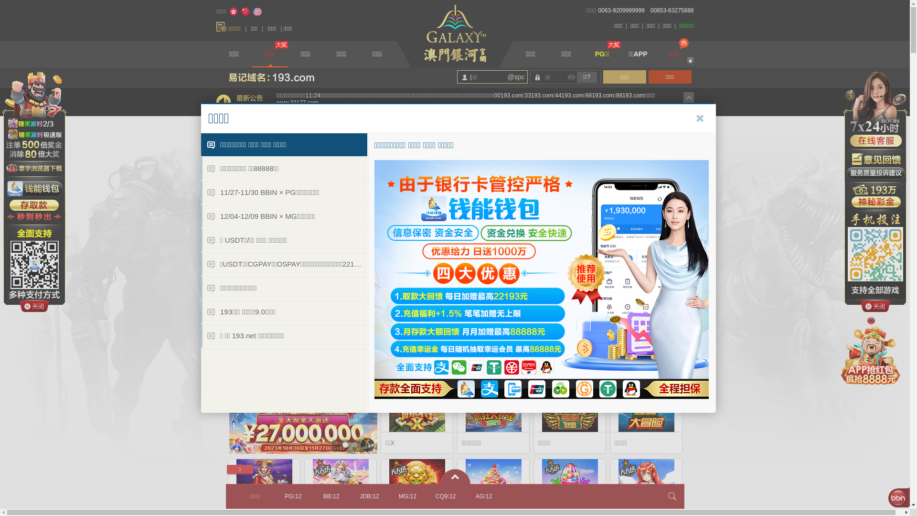 This screenshot has width=917, height=516. What do you see at coordinates (257, 11) in the screenshot?
I see `'English'` at bounding box center [257, 11].